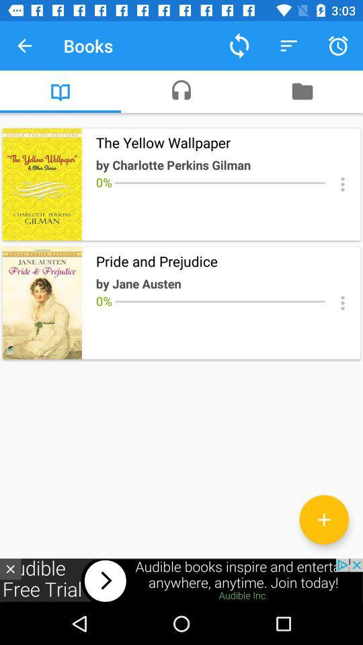 This screenshot has width=363, height=645. What do you see at coordinates (342, 183) in the screenshot?
I see `share the article` at bounding box center [342, 183].